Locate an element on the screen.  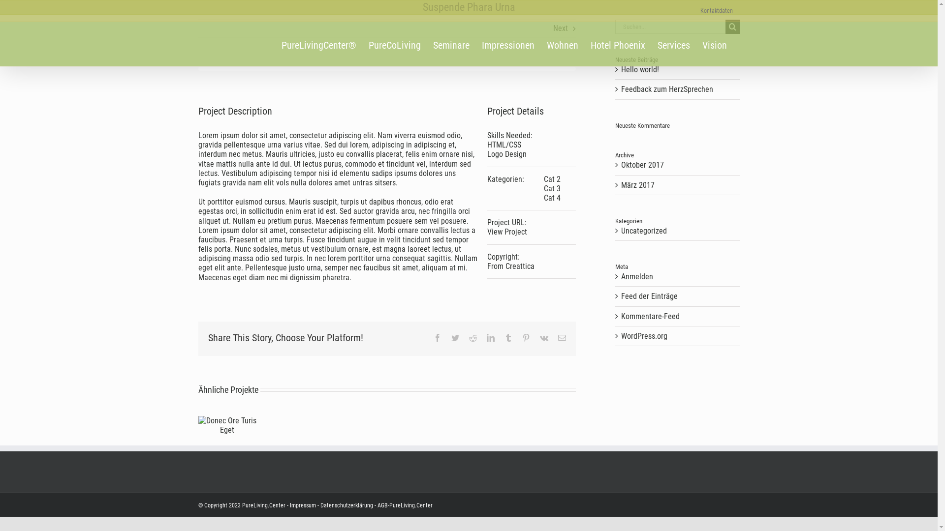
'Logo Design' is located at coordinates (507, 154).